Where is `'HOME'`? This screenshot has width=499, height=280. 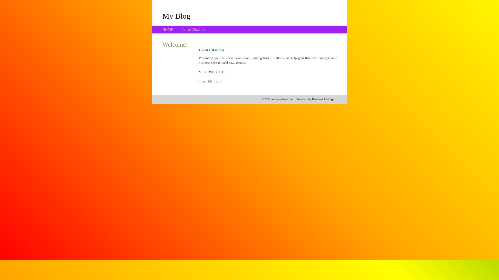
'HOME' is located at coordinates (168, 30).